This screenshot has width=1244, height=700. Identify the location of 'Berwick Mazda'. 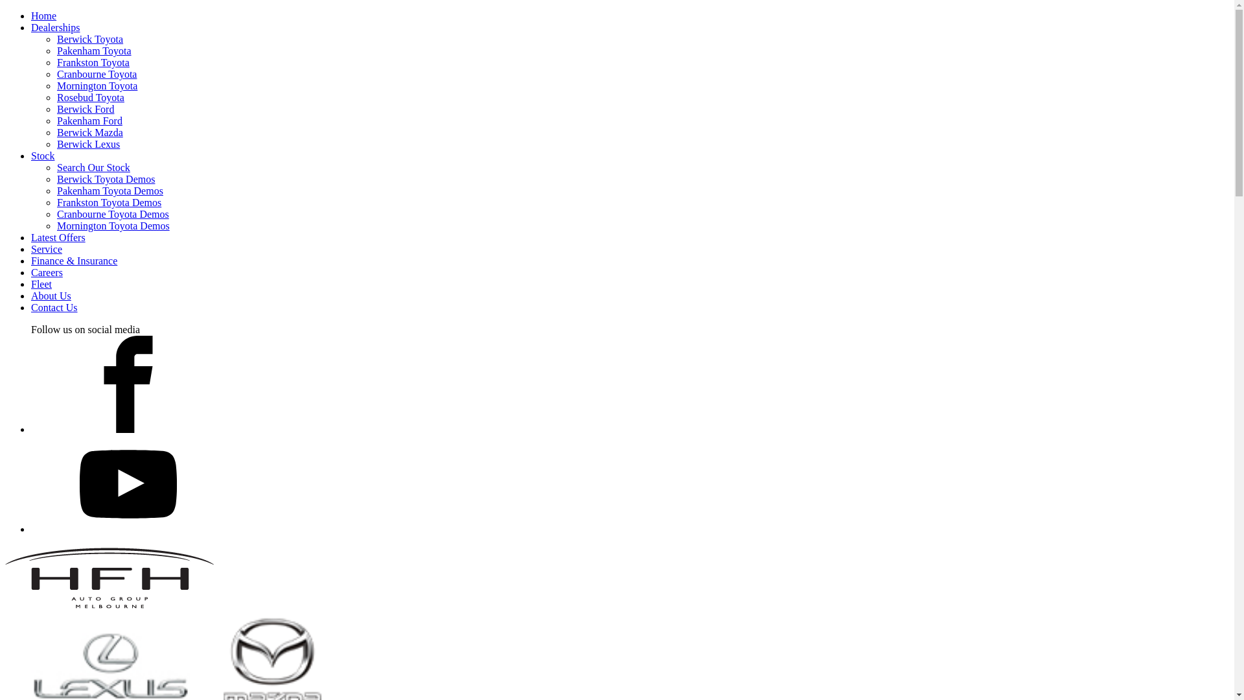
(89, 132).